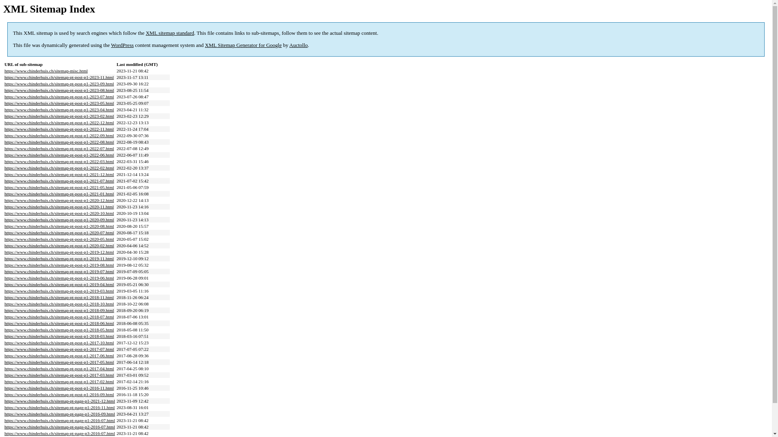 This screenshot has height=437, width=778. I want to click on 'https://www.chinderhuis.ch/sitemap-pt-post-p1-2017-03.html', so click(58, 375).